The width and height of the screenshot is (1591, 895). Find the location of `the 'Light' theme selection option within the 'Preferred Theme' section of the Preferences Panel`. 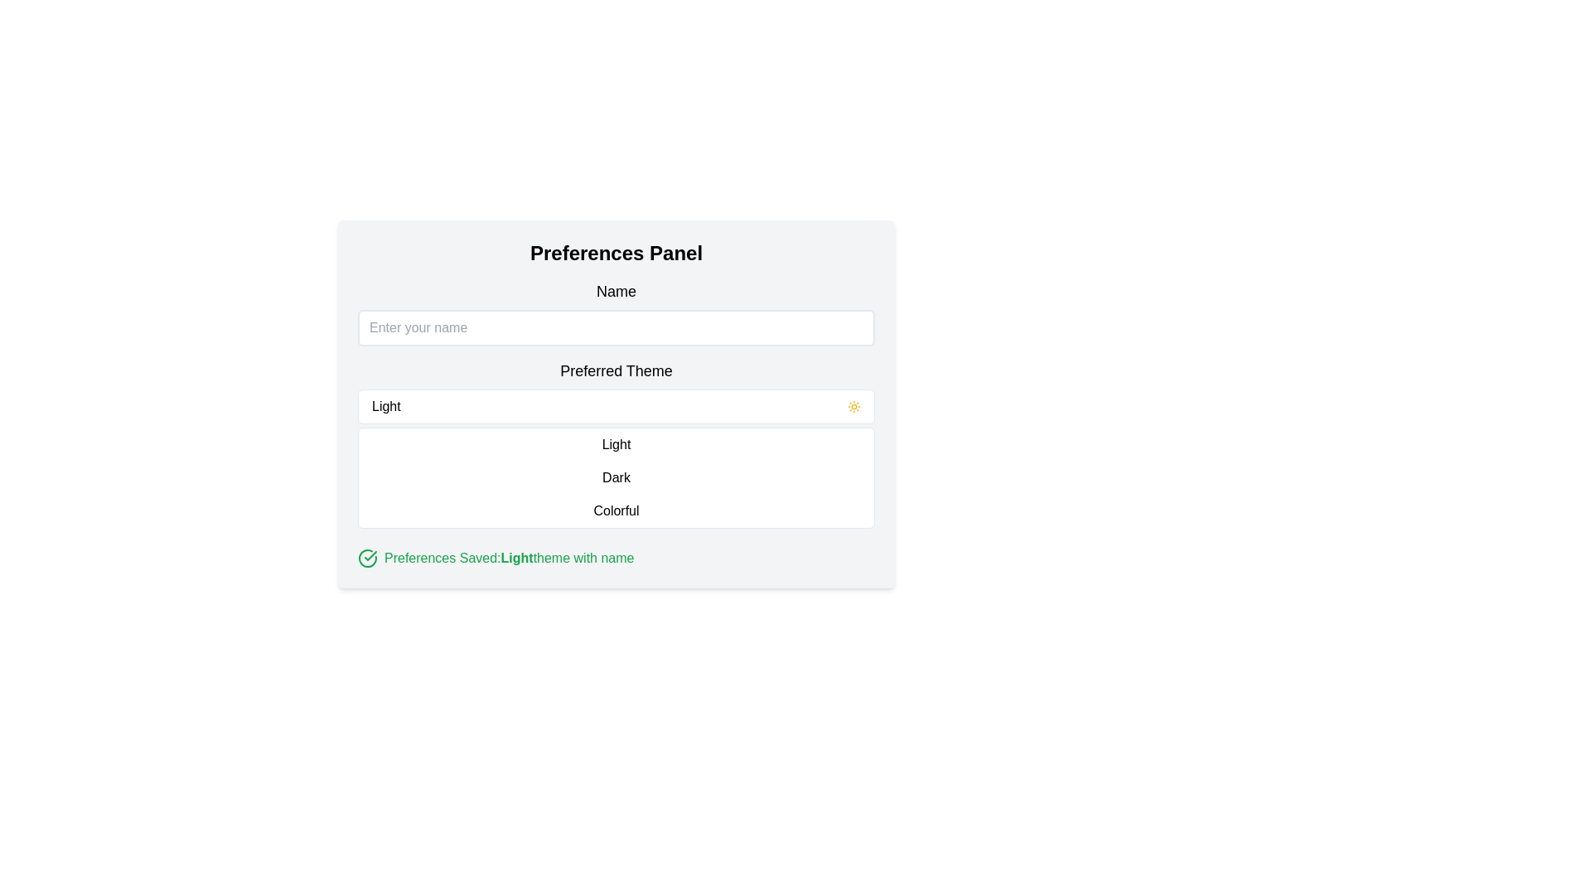

the 'Light' theme selection option within the 'Preferred Theme' section of the Preferences Panel is located at coordinates (616, 406).